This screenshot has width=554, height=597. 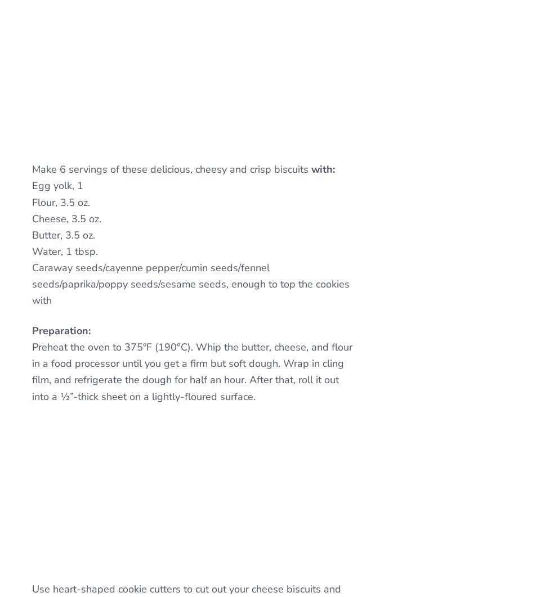 I want to click on 'Butter, 3.5 oz.', so click(x=31, y=234).